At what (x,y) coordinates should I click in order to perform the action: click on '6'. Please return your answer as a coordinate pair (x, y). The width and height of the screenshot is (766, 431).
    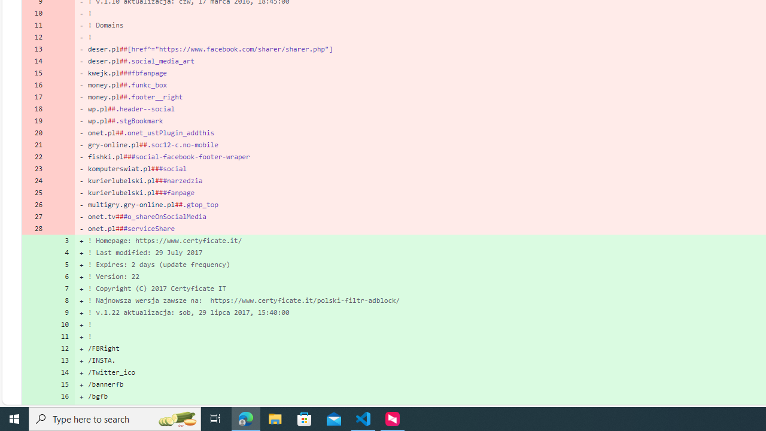
    Looking at the image, I should click on (61, 277).